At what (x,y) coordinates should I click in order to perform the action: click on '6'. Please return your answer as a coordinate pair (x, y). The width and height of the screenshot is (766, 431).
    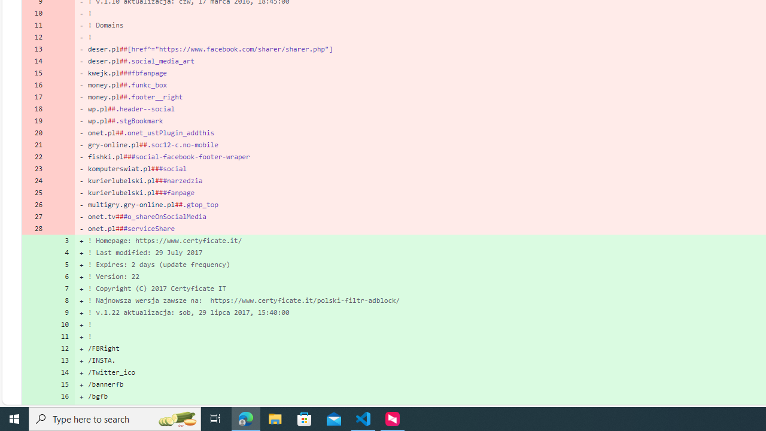
    Looking at the image, I should click on (61, 277).